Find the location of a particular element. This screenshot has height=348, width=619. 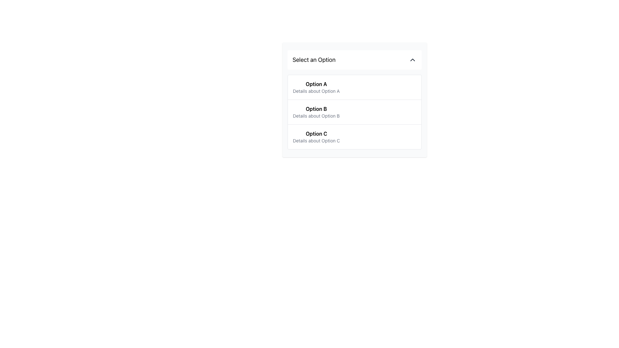

the first list item in the dropdown labeled 'Option A' is located at coordinates (354, 87).